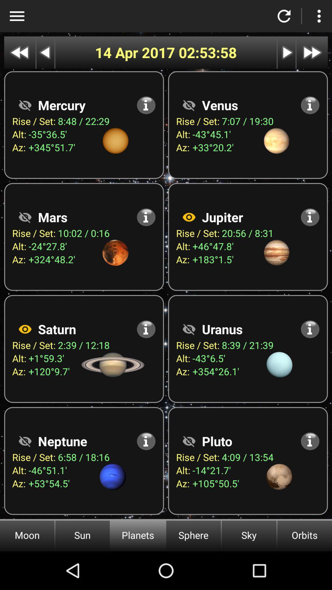 The width and height of the screenshot is (332, 590). I want to click on fast forward, so click(312, 53).